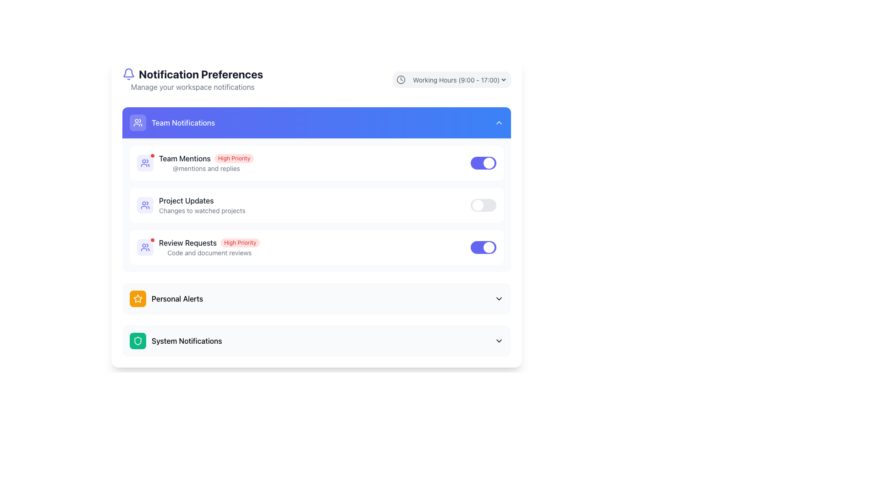  Describe the element at coordinates (499, 341) in the screenshot. I see `the downward-facing chevron icon with the class 'lucide-chevron-down' located at the far right of the 'System Notifications' row` at that location.